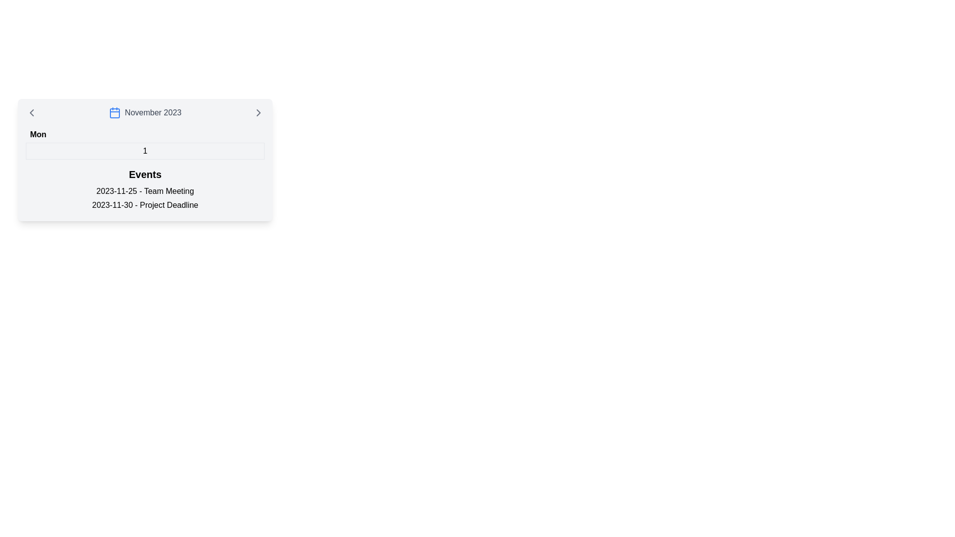 The width and height of the screenshot is (955, 537). I want to click on the Table Cell element displaying 'Mon' and '1', so click(145, 143).